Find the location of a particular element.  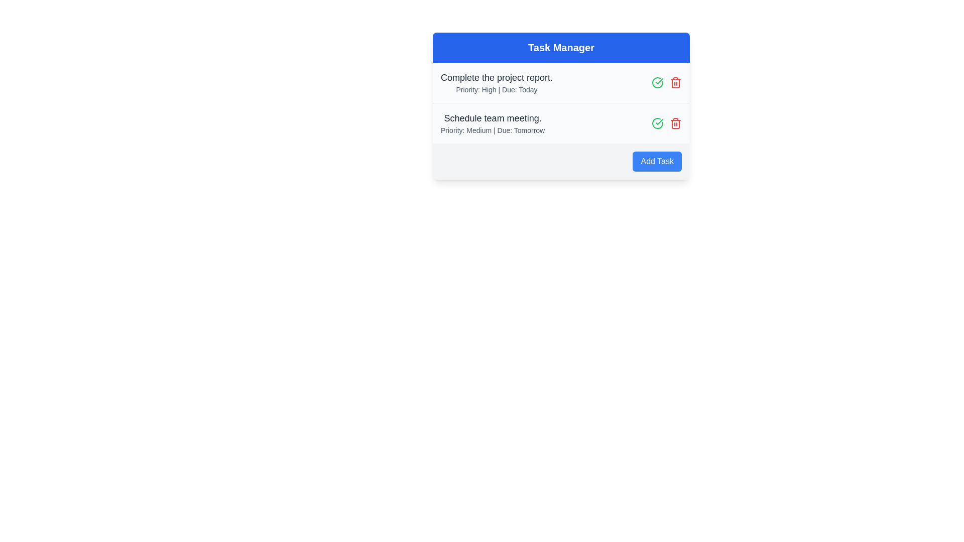

the text label displaying the task title 'Schedule team meeting' located in the second row of the vertical task listing is located at coordinates (493, 117).